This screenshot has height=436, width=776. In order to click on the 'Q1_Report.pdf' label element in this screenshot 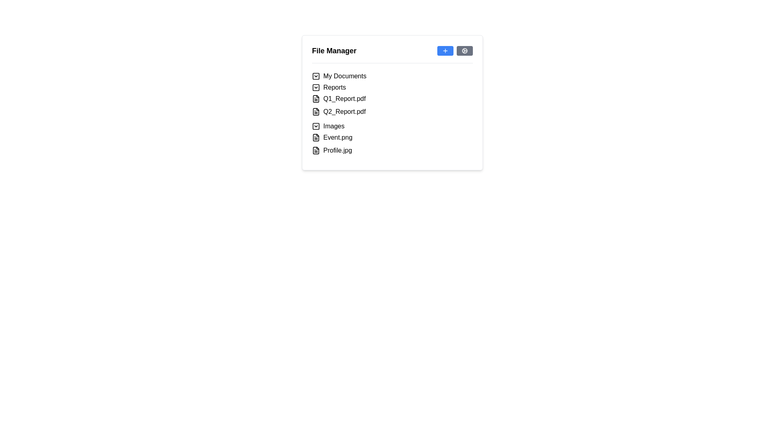, I will do `click(344, 99)`.